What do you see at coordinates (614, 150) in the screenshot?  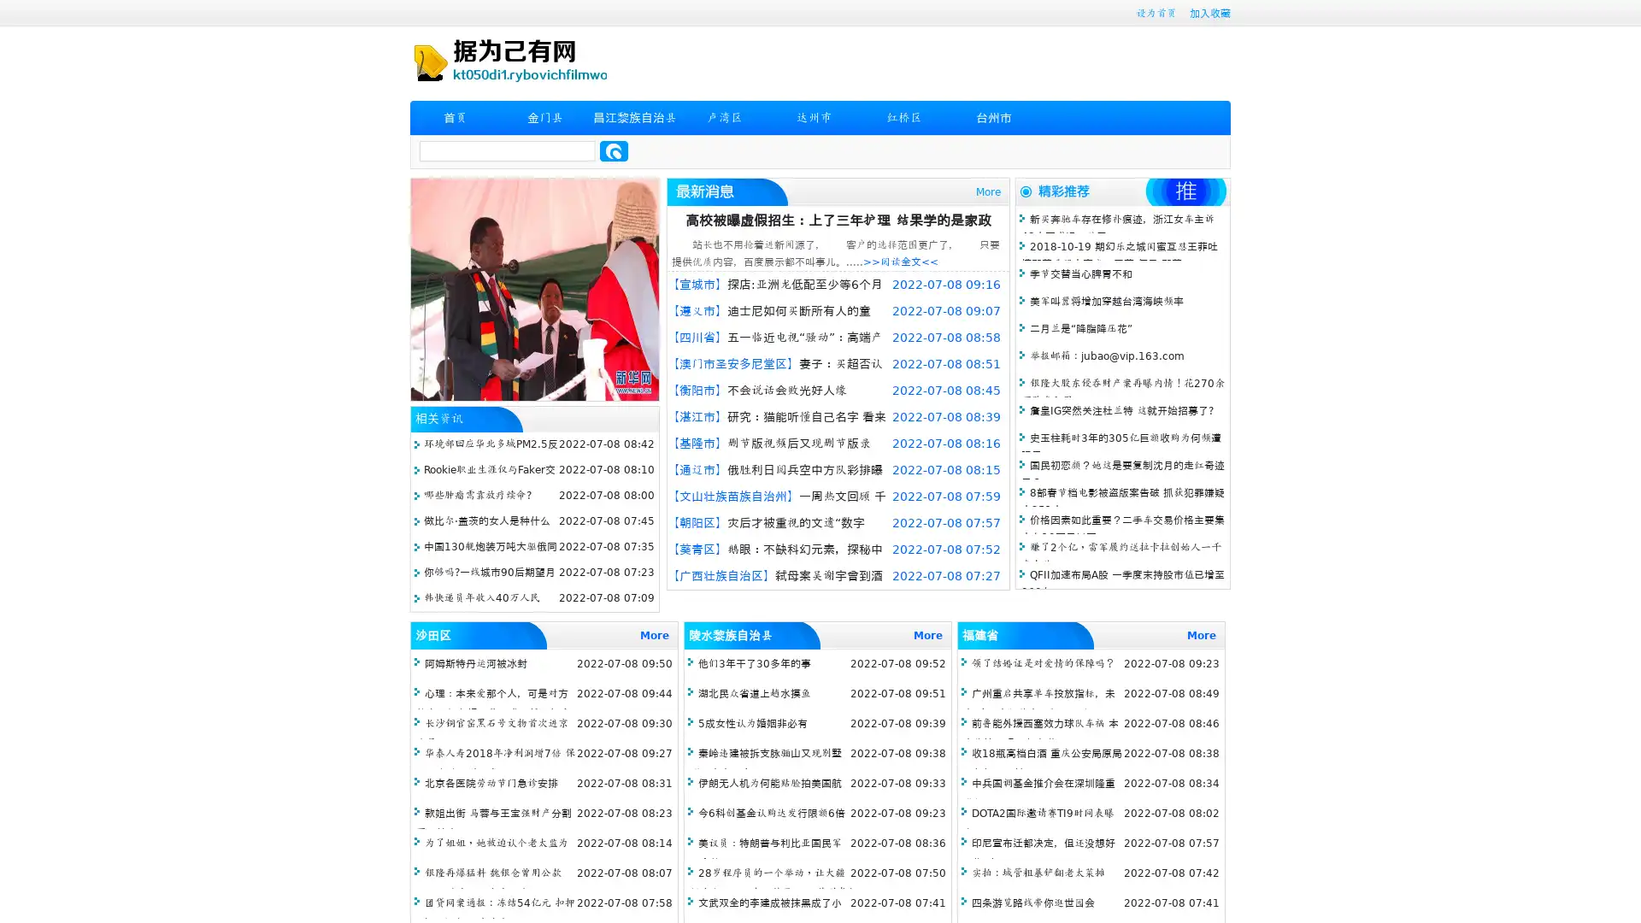 I see `Search` at bounding box center [614, 150].